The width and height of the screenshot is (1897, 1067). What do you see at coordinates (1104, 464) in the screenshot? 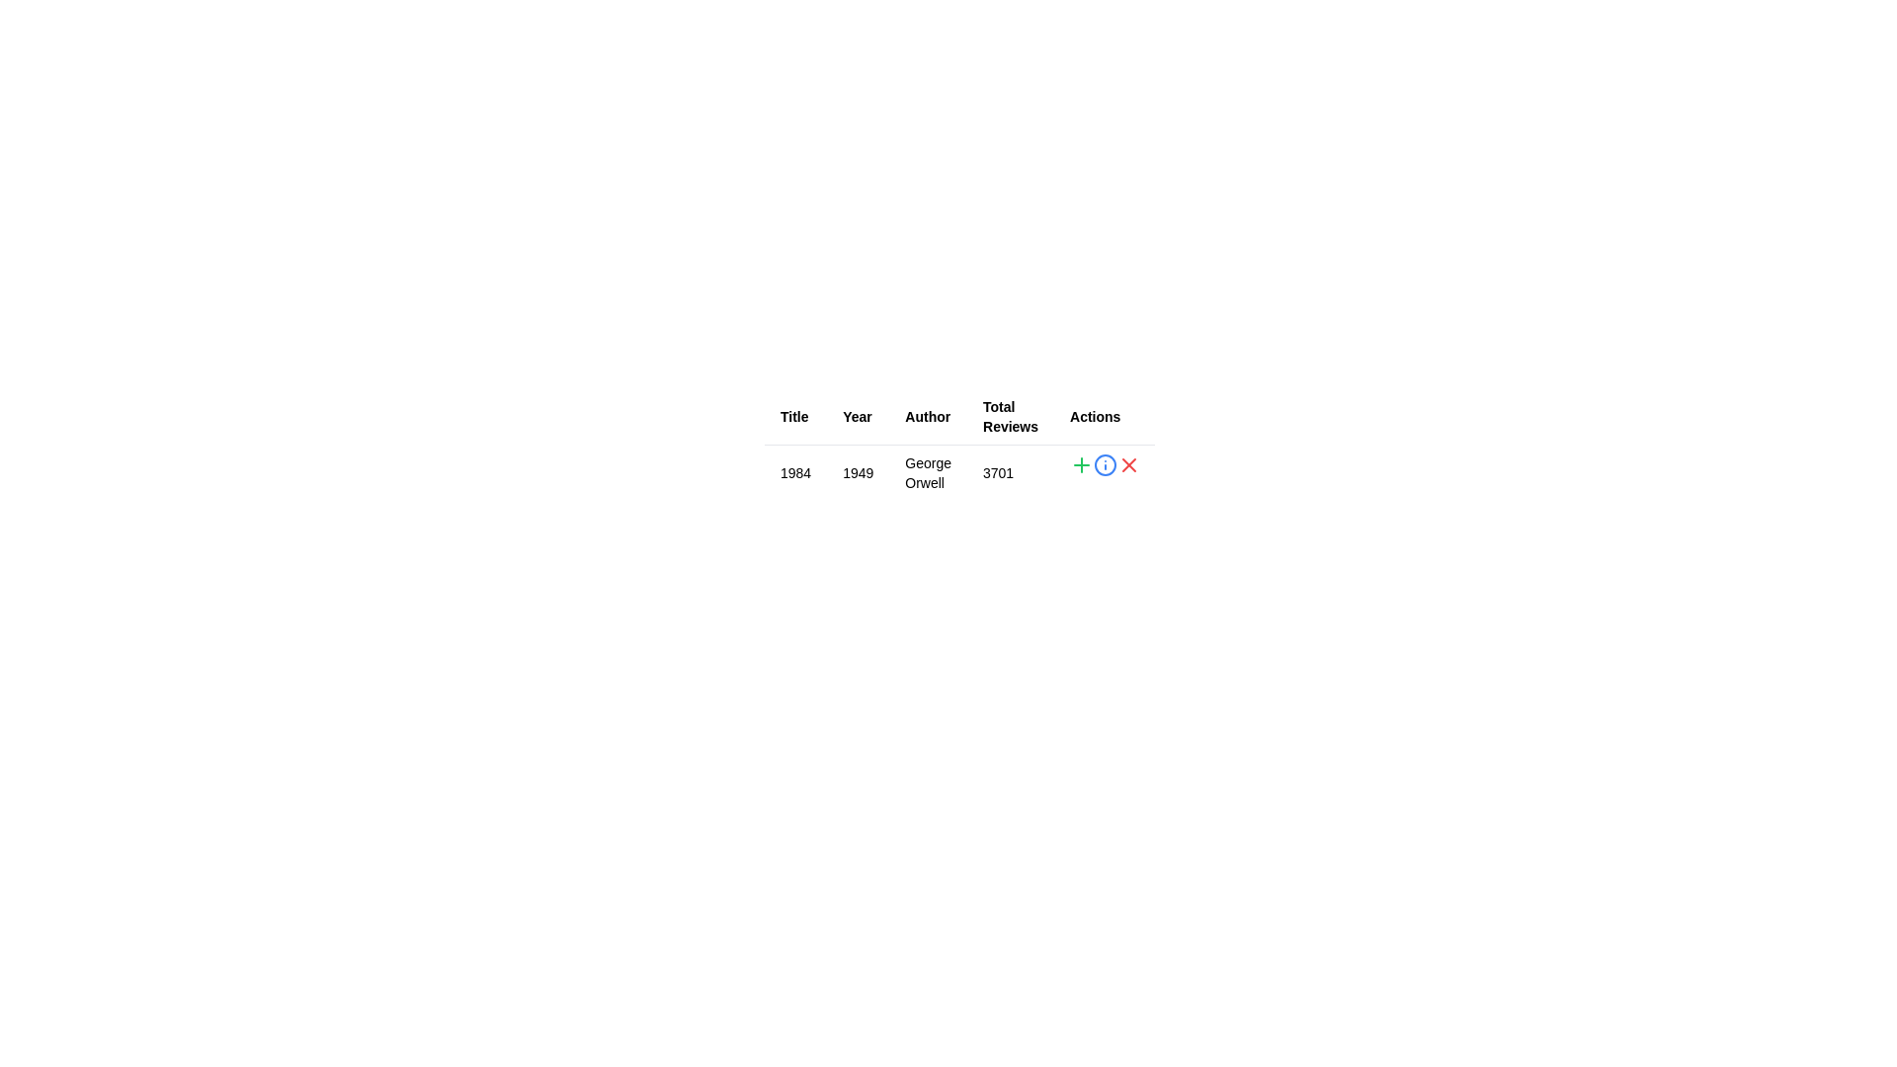
I see `the circular outline of the information icon in the Actions column of the table row, which is styled with a thin blue stroke and has no fill` at bounding box center [1104, 464].